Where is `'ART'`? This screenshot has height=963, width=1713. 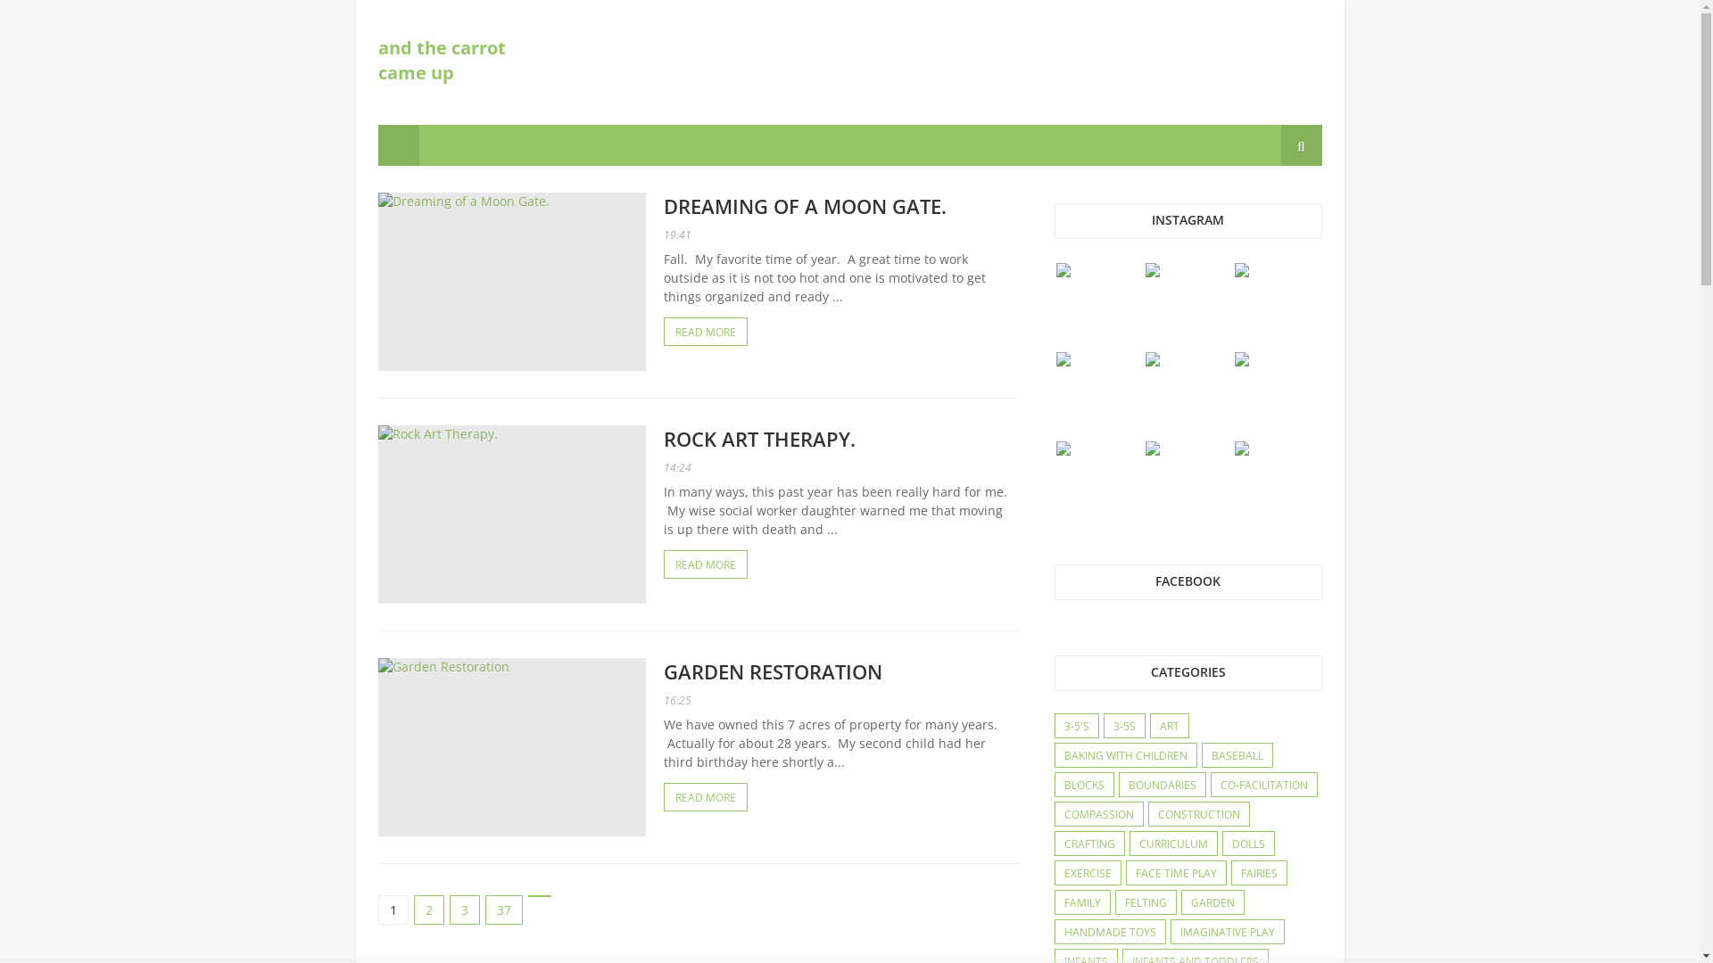 'ART' is located at coordinates (1169, 726).